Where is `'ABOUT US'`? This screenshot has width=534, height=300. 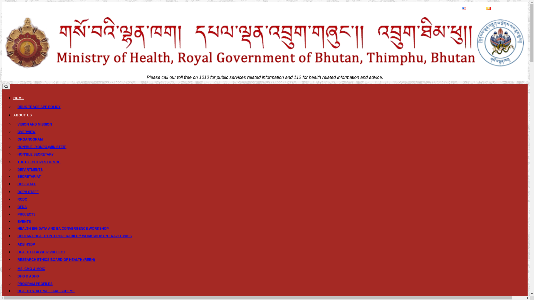
'ABOUT US' is located at coordinates (22, 115).